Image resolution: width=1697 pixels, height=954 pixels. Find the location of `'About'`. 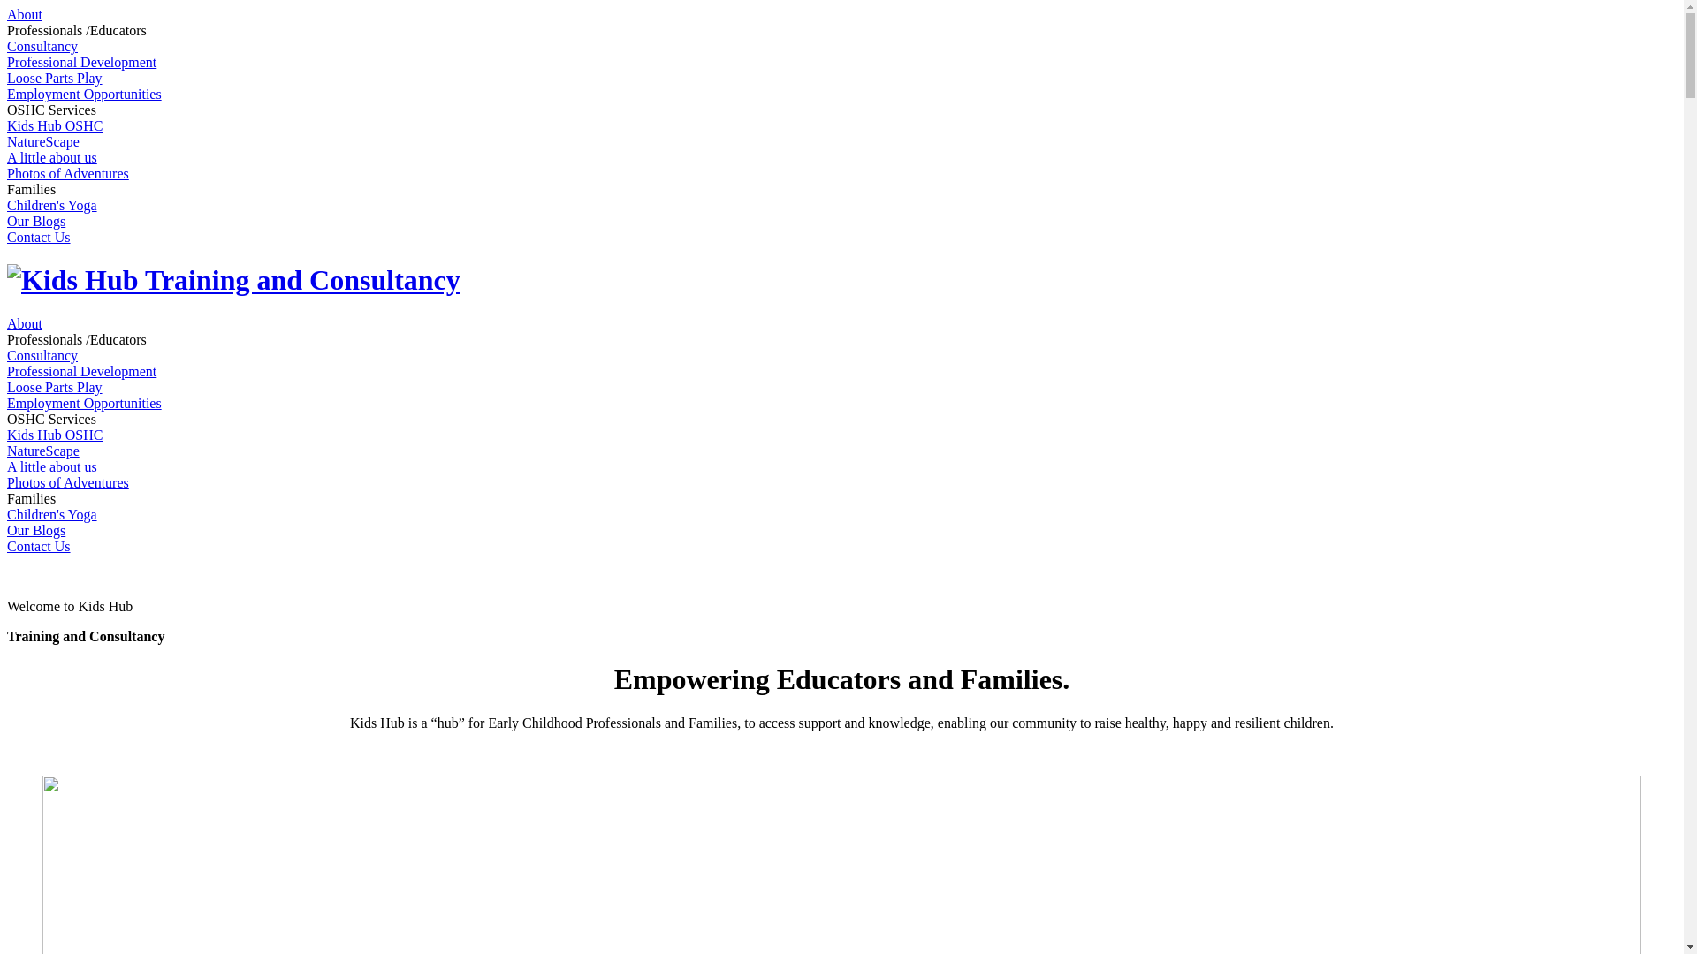

'About' is located at coordinates (25, 323).